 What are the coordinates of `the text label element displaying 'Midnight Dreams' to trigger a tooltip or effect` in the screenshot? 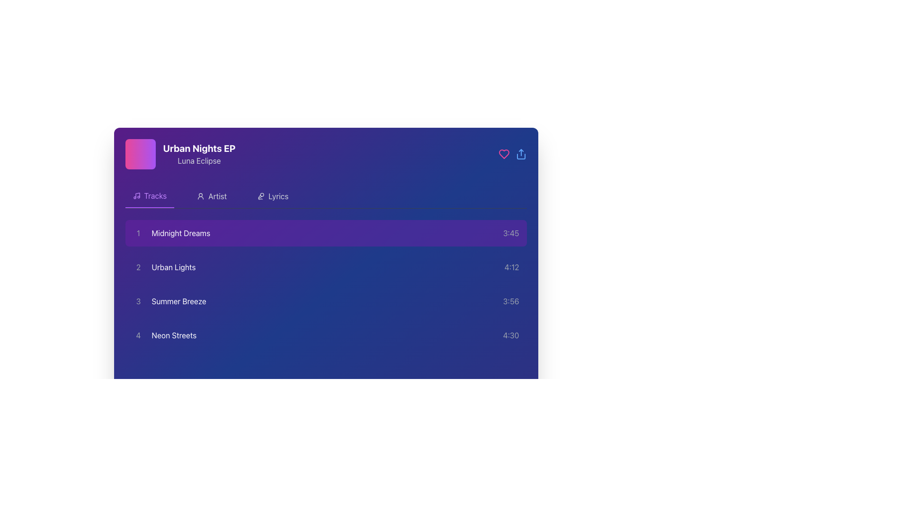 It's located at (181, 233).